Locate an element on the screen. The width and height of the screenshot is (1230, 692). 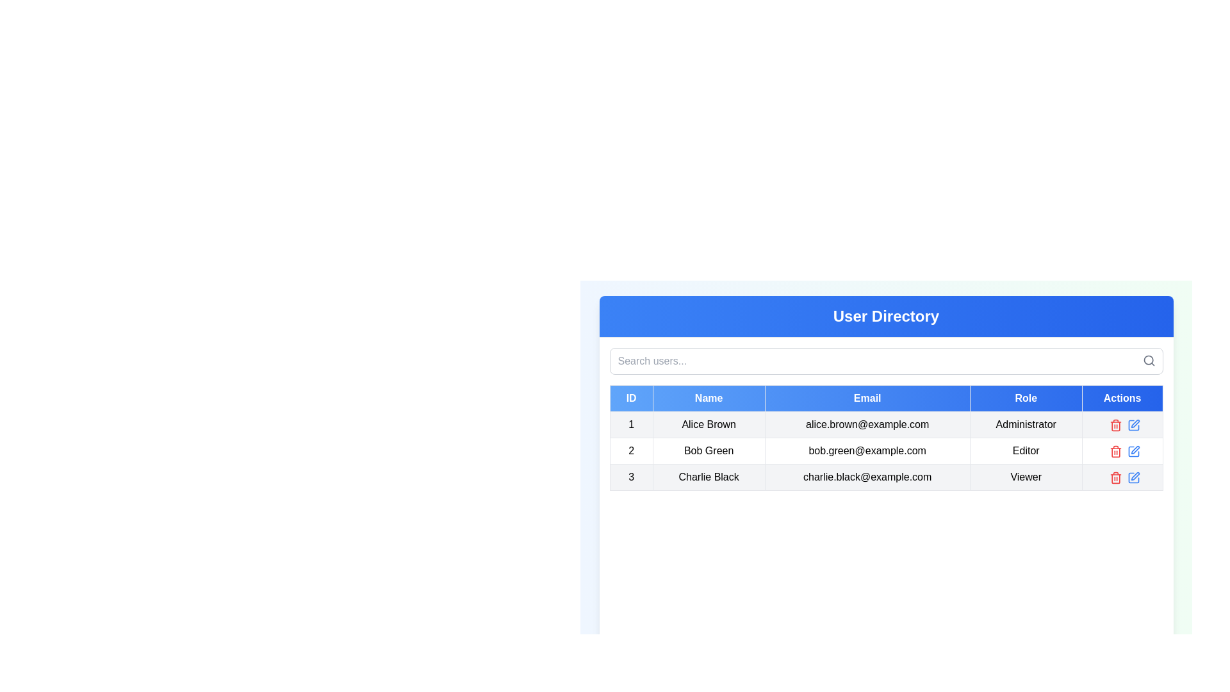
the circular decorative graphic component representing a magnifying glass located in the top-right corner of the user directory interface header is located at coordinates (1148, 360).